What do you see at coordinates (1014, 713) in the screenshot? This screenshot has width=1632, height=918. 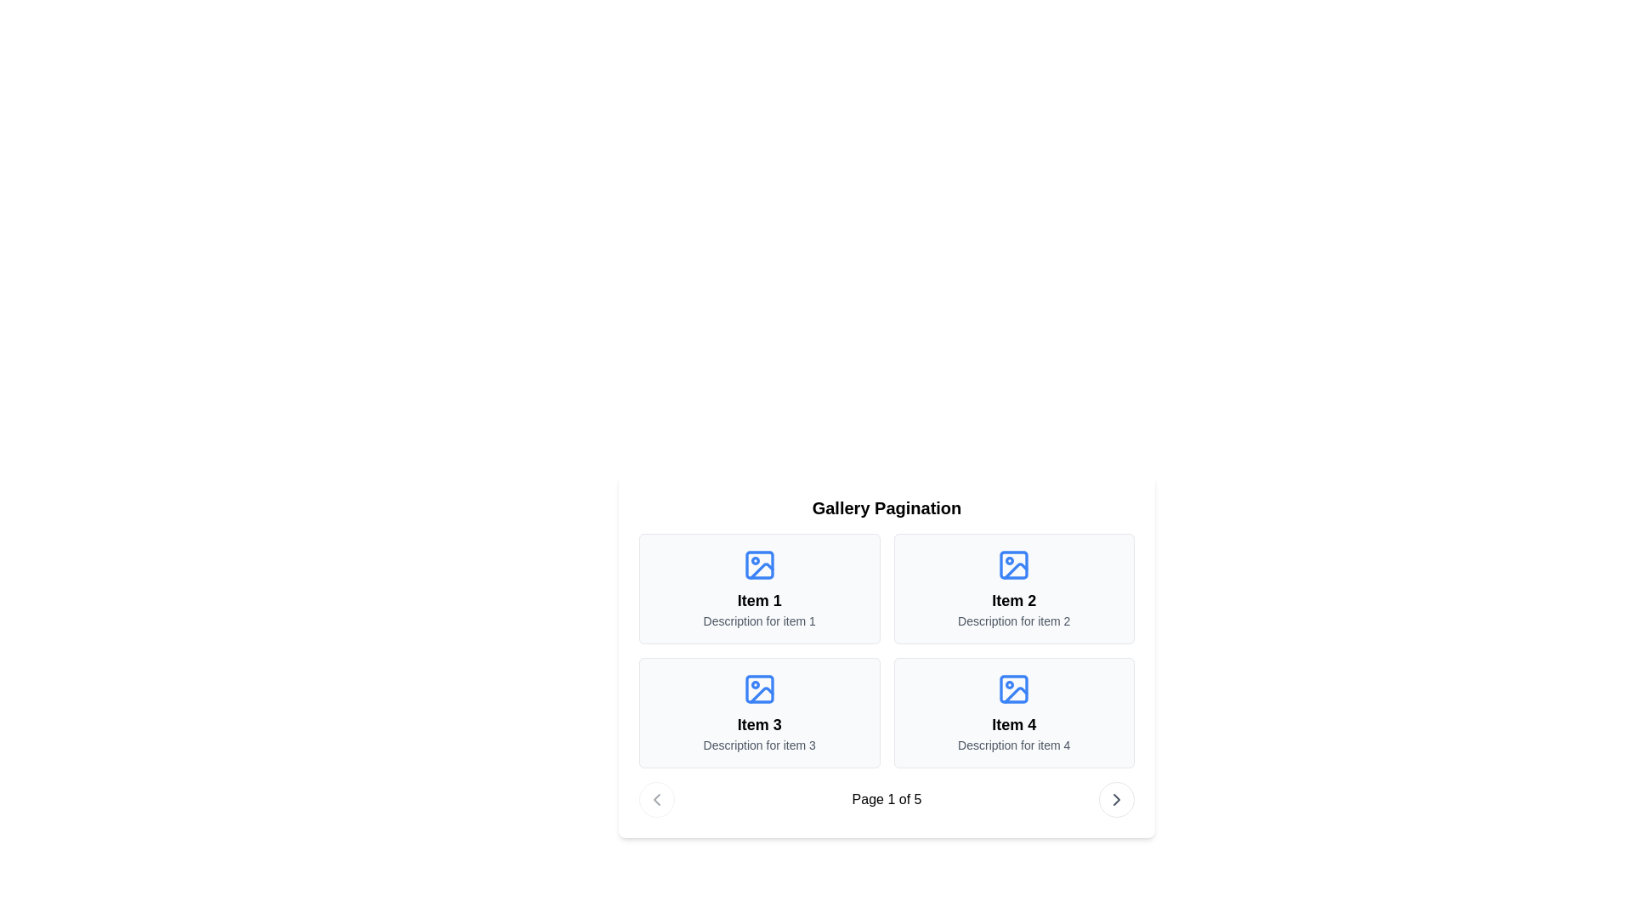 I see `the selectable item card representing 'Item 4' in the gallery grid, located at the bottom-right corner of the 2x2 structure` at bounding box center [1014, 713].